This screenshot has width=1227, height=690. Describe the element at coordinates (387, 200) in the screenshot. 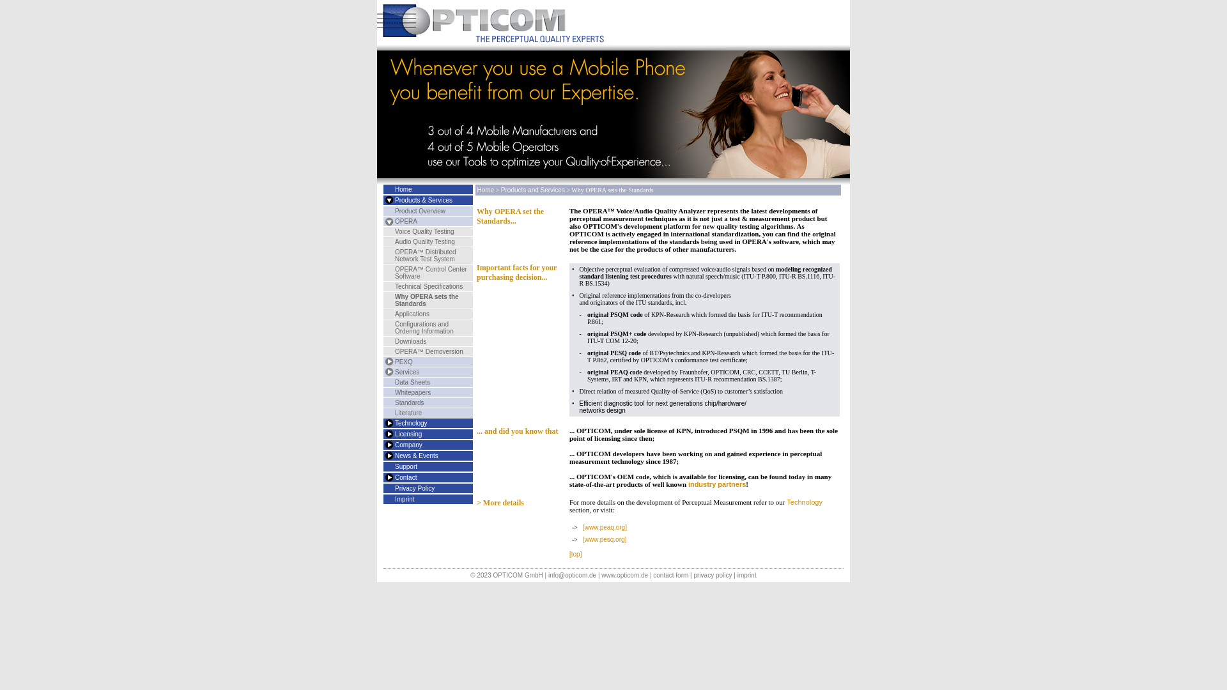

I see `'Products and Services'` at that location.